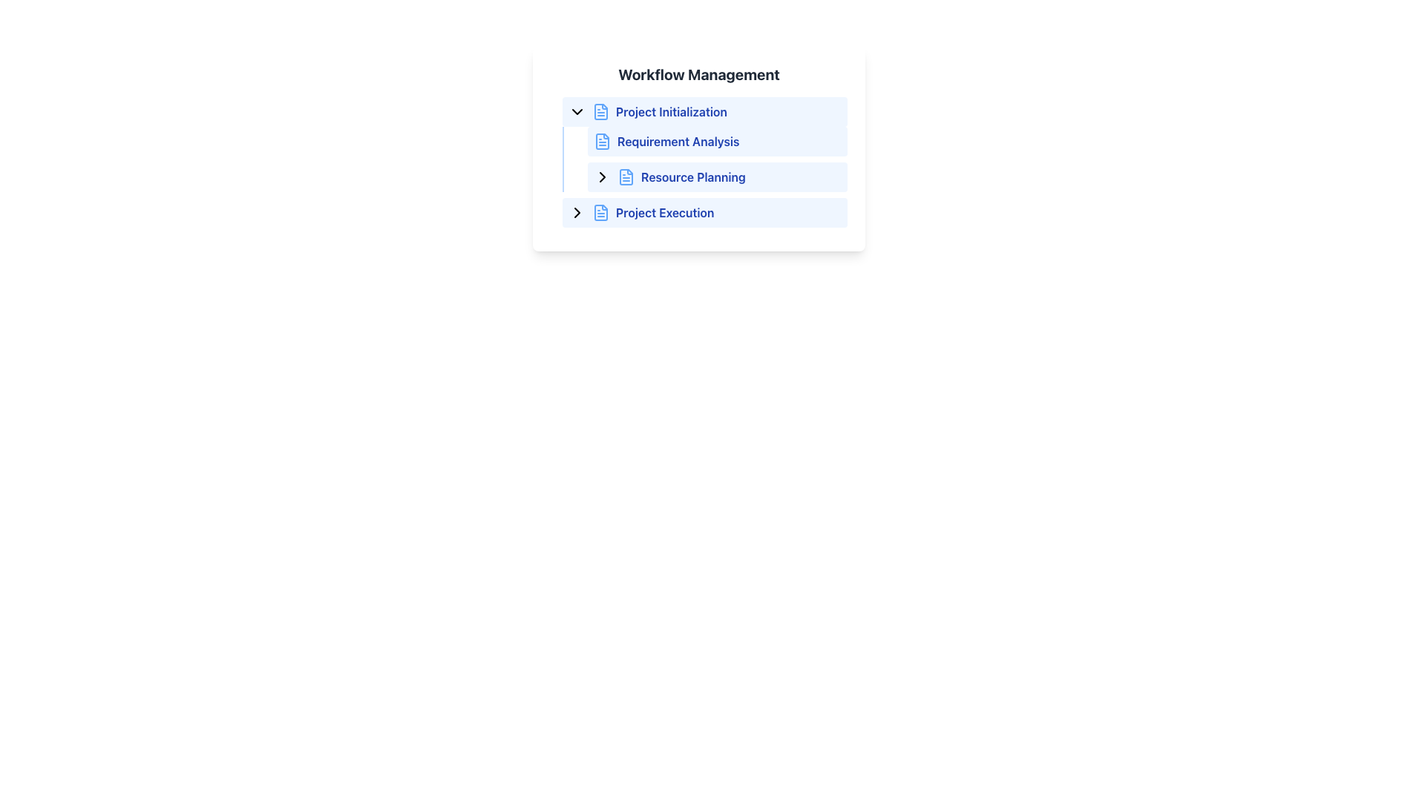 The width and height of the screenshot is (1425, 801). I want to click on the icon element resembling a document, styled in blue, located to the left of the 'Project Execution' text in the 'Workflow Management' section, so click(601, 212).